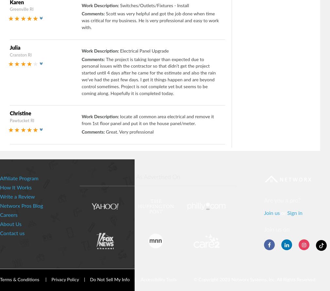 This screenshot has width=330, height=291. What do you see at coordinates (19, 178) in the screenshot?
I see `'Affiliate Program'` at bounding box center [19, 178].